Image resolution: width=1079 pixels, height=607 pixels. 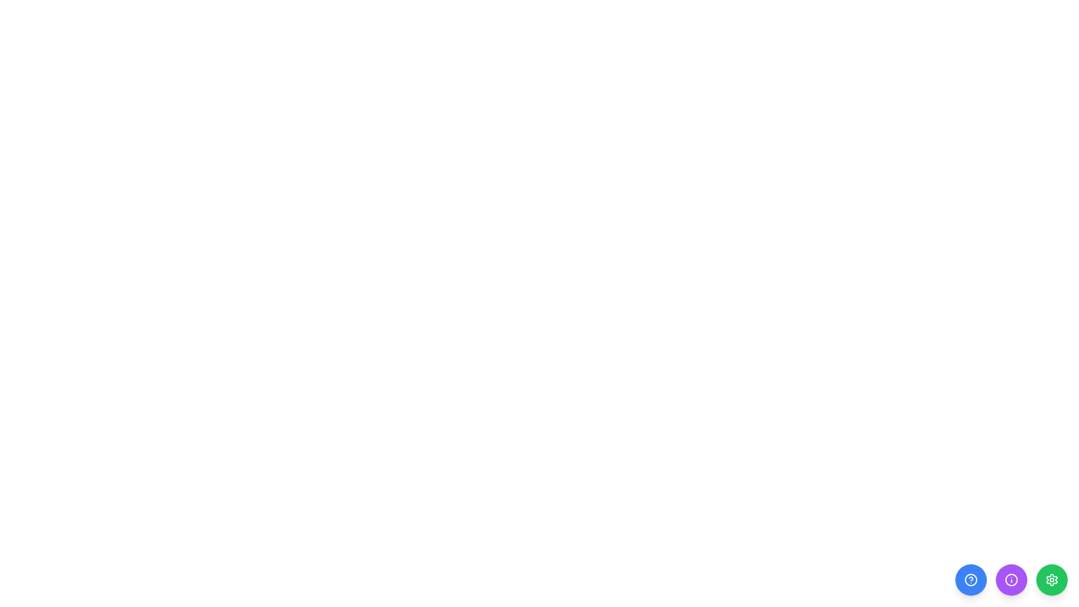 What do you see at coordinates (971, 580) in the screenshot?
I see `the help button located in the bottom-right corner of the interface` at bounding box center [971, 580].